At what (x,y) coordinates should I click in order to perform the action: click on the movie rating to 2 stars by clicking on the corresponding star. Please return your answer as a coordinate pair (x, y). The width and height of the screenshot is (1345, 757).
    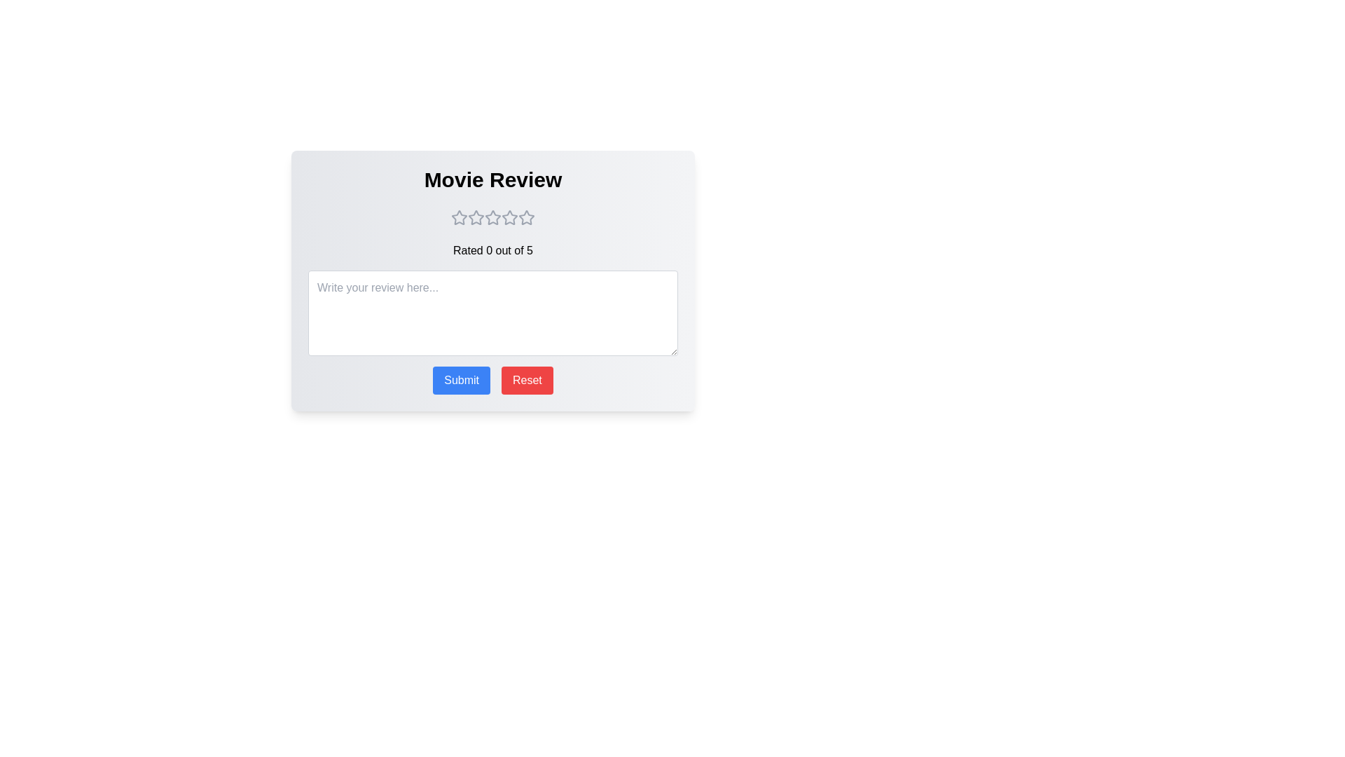
    Looking at the image, I should click on (476, 218).